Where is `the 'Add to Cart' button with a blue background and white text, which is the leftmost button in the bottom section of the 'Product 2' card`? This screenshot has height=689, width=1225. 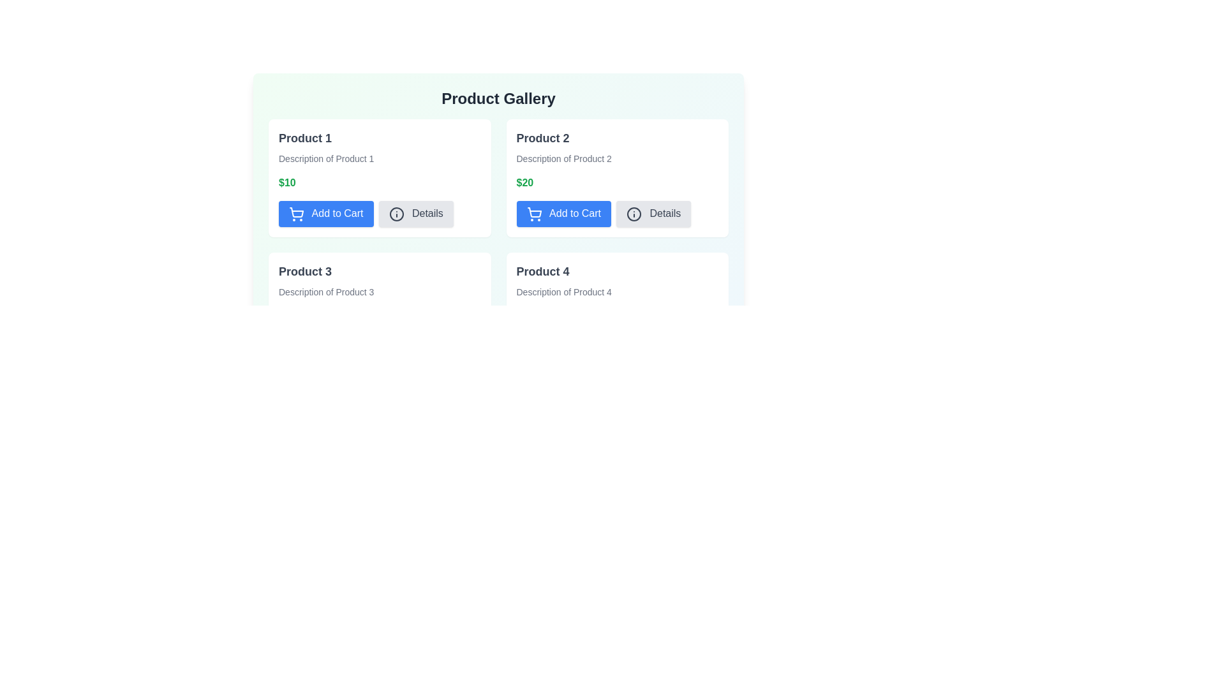 the 'Add to Cart' button with a blue background and white text, which is the leftmost button in the bottom section of the 'Product 2' card is located at coordinates (603, 213).